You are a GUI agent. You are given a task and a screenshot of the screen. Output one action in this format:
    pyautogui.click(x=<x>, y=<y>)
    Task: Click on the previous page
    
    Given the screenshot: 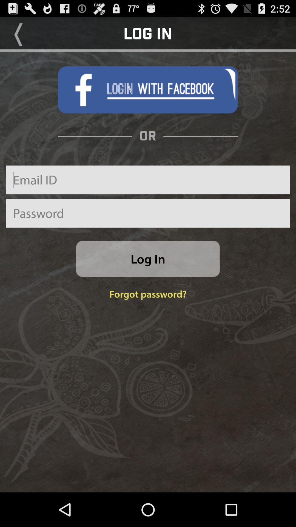 What is the action you would take?
    pyautogui.click(x=18, y=34)
    